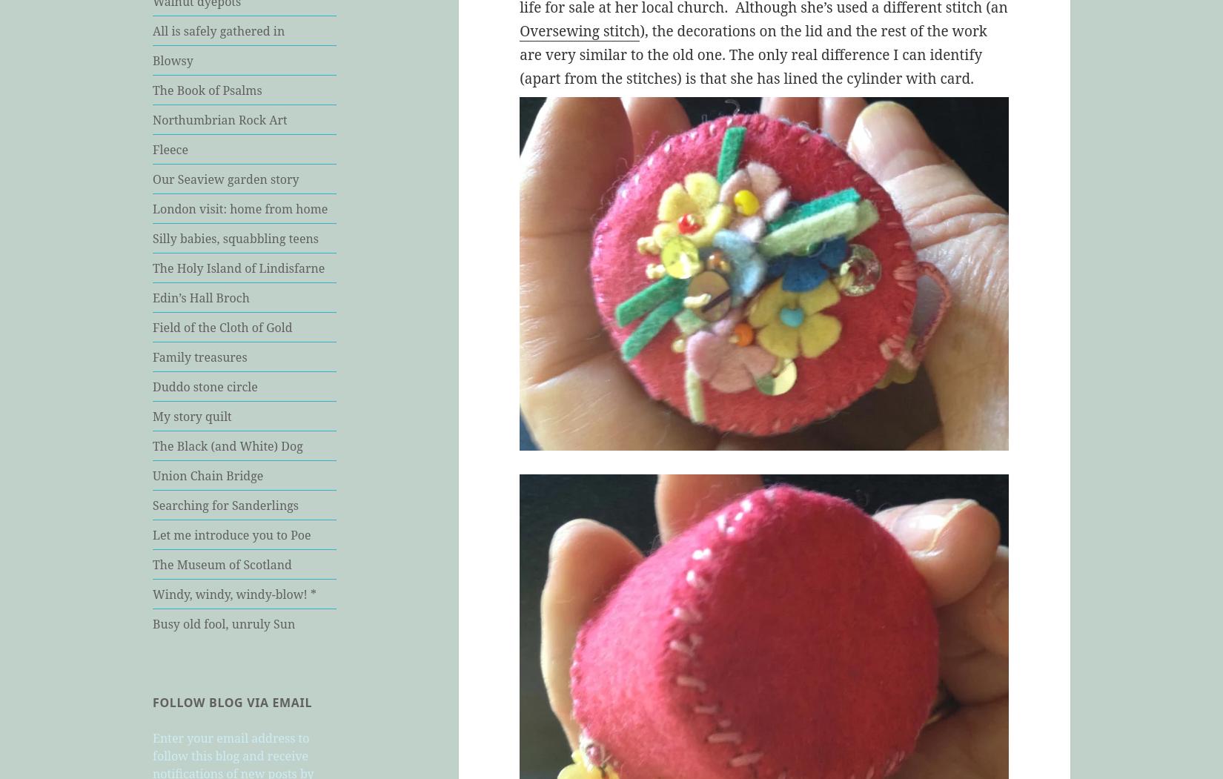 The image size is (1223, 779). Describe the element at coordinates (152, 505) in the screenshot. I see `'Searching for Sanderlings'` at that location.